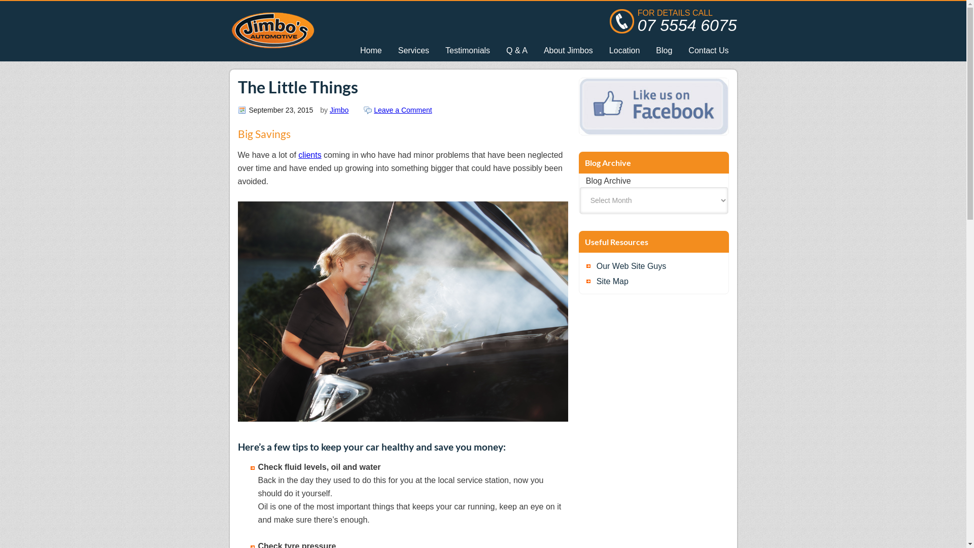 This screenshot has height=548, width=974. Describe the element at coordinates (413, 51) in the screenshot. I see `'Services'` at that location.